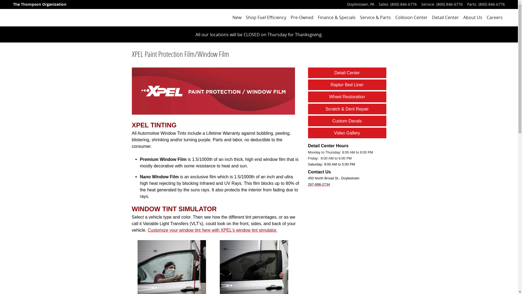  What do you see at coordinates (472, 17) in the screenshot?
I see `'About Us'` at bounding box center [472, 17].